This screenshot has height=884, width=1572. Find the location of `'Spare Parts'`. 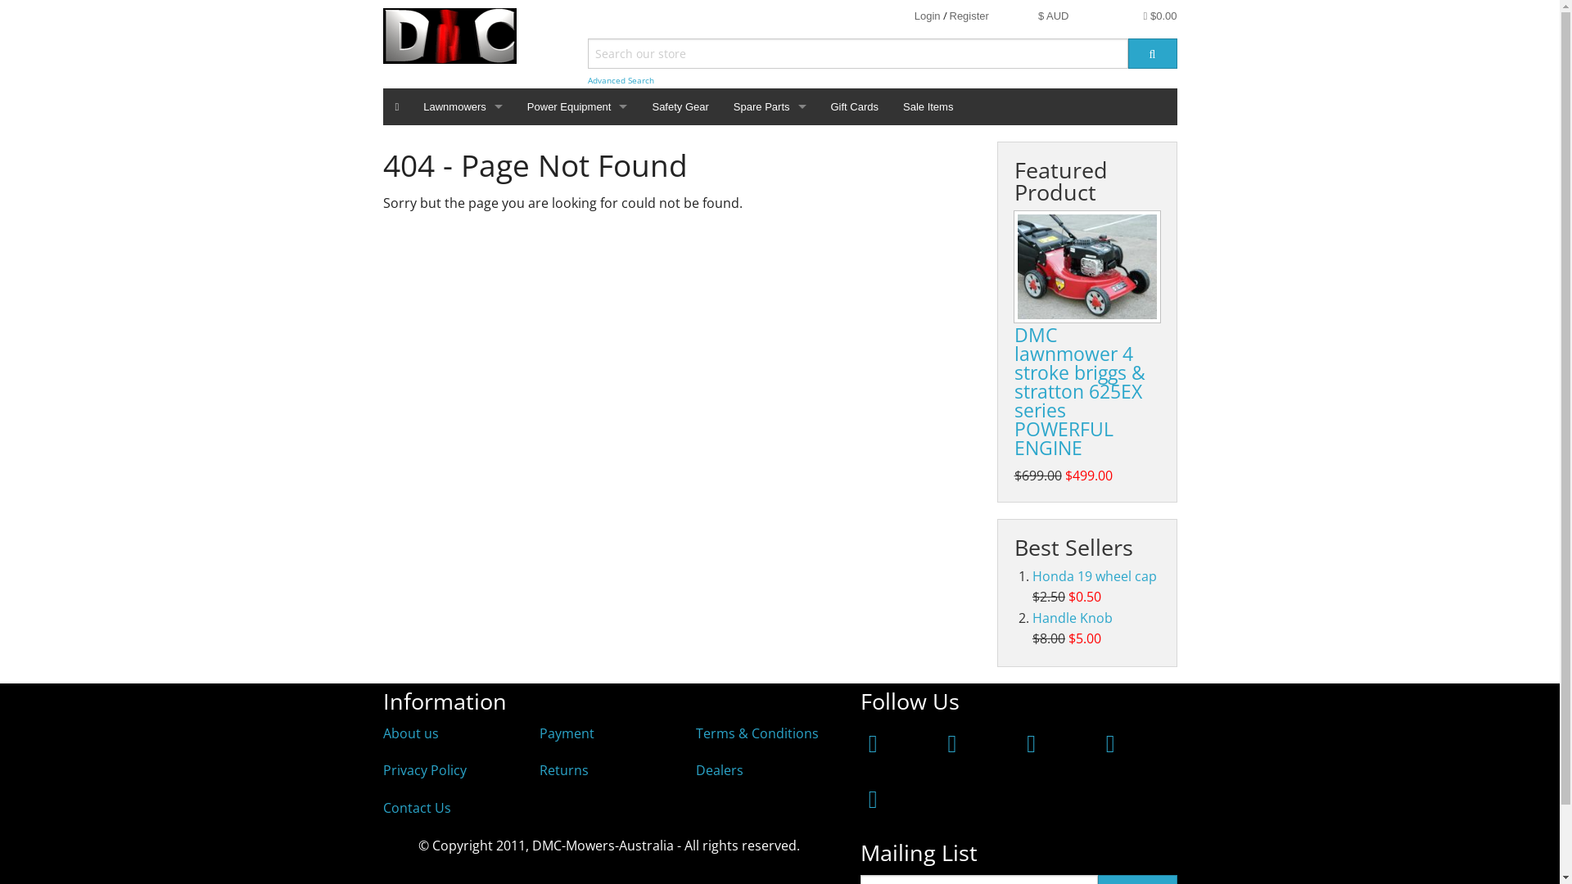

'Spare Parts' is located at coordinates (769, 106).